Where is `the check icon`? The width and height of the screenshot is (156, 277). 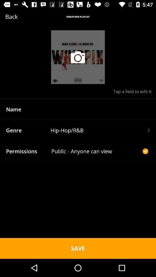 the check icon is located at coordinates (145, 151).